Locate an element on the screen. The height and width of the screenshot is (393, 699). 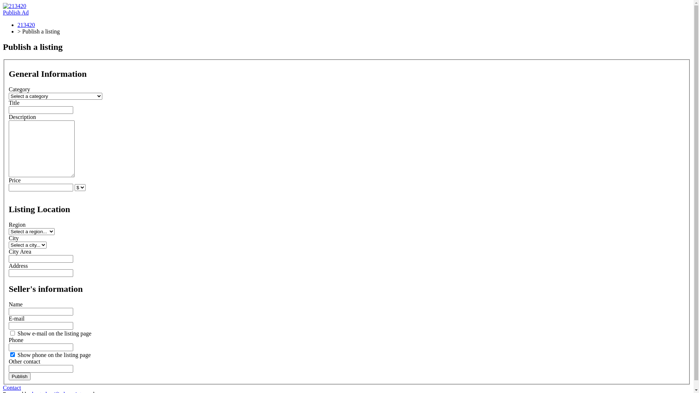
'213420' is located at coordinates (26, 24).